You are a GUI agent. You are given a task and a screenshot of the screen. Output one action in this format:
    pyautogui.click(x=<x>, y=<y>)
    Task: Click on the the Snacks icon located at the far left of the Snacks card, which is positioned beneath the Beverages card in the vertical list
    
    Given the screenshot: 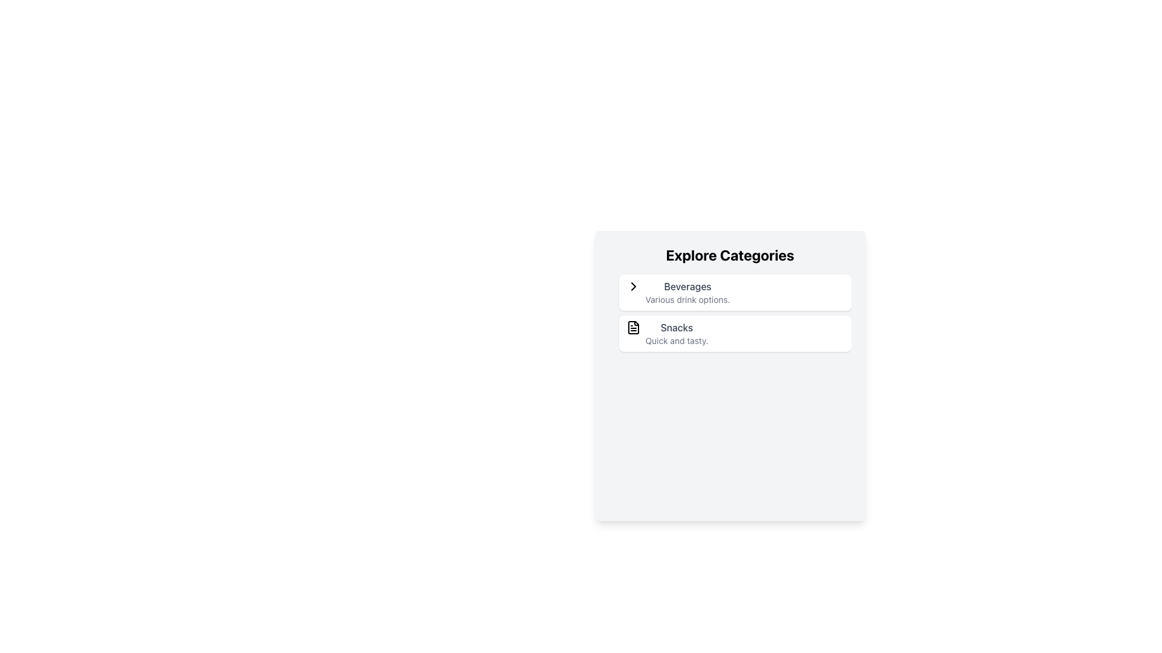 What is the action you would take?
    pyautogui.click(x=635, y=328)
    